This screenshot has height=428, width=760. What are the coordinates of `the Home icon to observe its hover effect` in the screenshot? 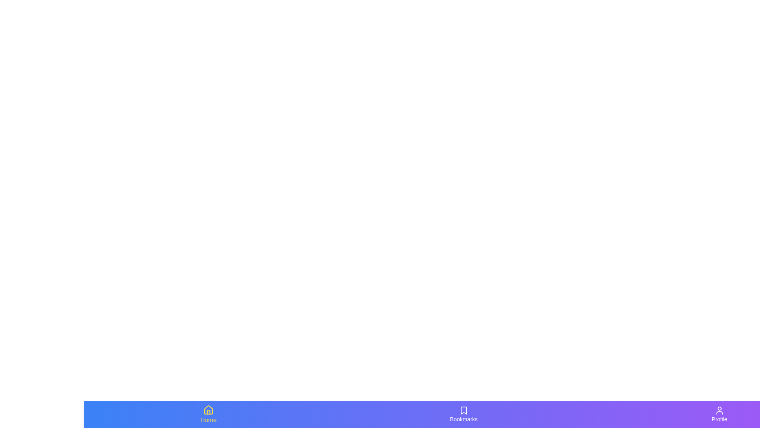 It's located at (209, 414).